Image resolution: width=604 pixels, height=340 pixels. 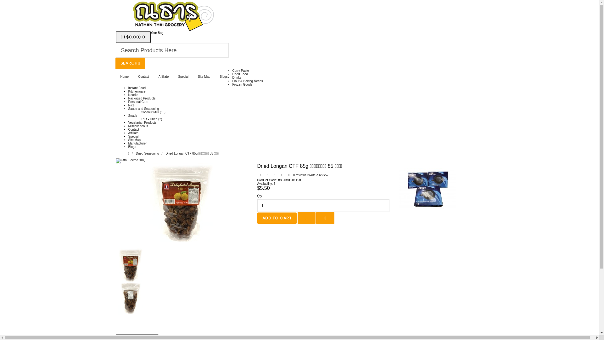 What do you see at coordinates (128, 88) in the screenshot?
I see `'Instant Food'` at bounding box center [128, 88].